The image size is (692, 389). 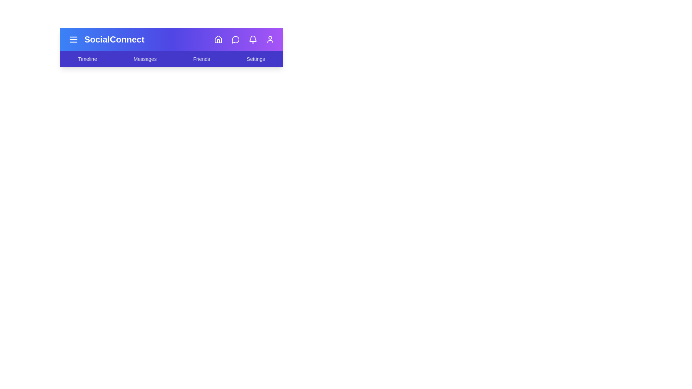 What do you see at coordinates (145, 59) in the screenshot?
I see `the Messages Menu to observe visual effects` at bounding box center [145, 59].